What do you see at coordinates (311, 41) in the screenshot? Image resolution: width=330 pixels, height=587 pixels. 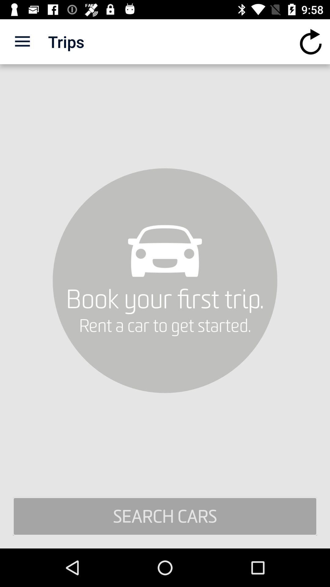 I see `the icon next to trips icon` at bounding box center [311, 41].